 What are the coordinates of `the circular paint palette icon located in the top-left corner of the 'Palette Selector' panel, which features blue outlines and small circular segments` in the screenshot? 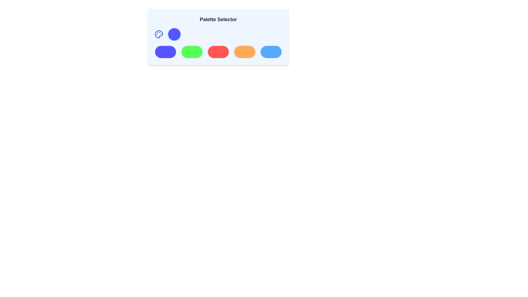 It's located at (158, 34).